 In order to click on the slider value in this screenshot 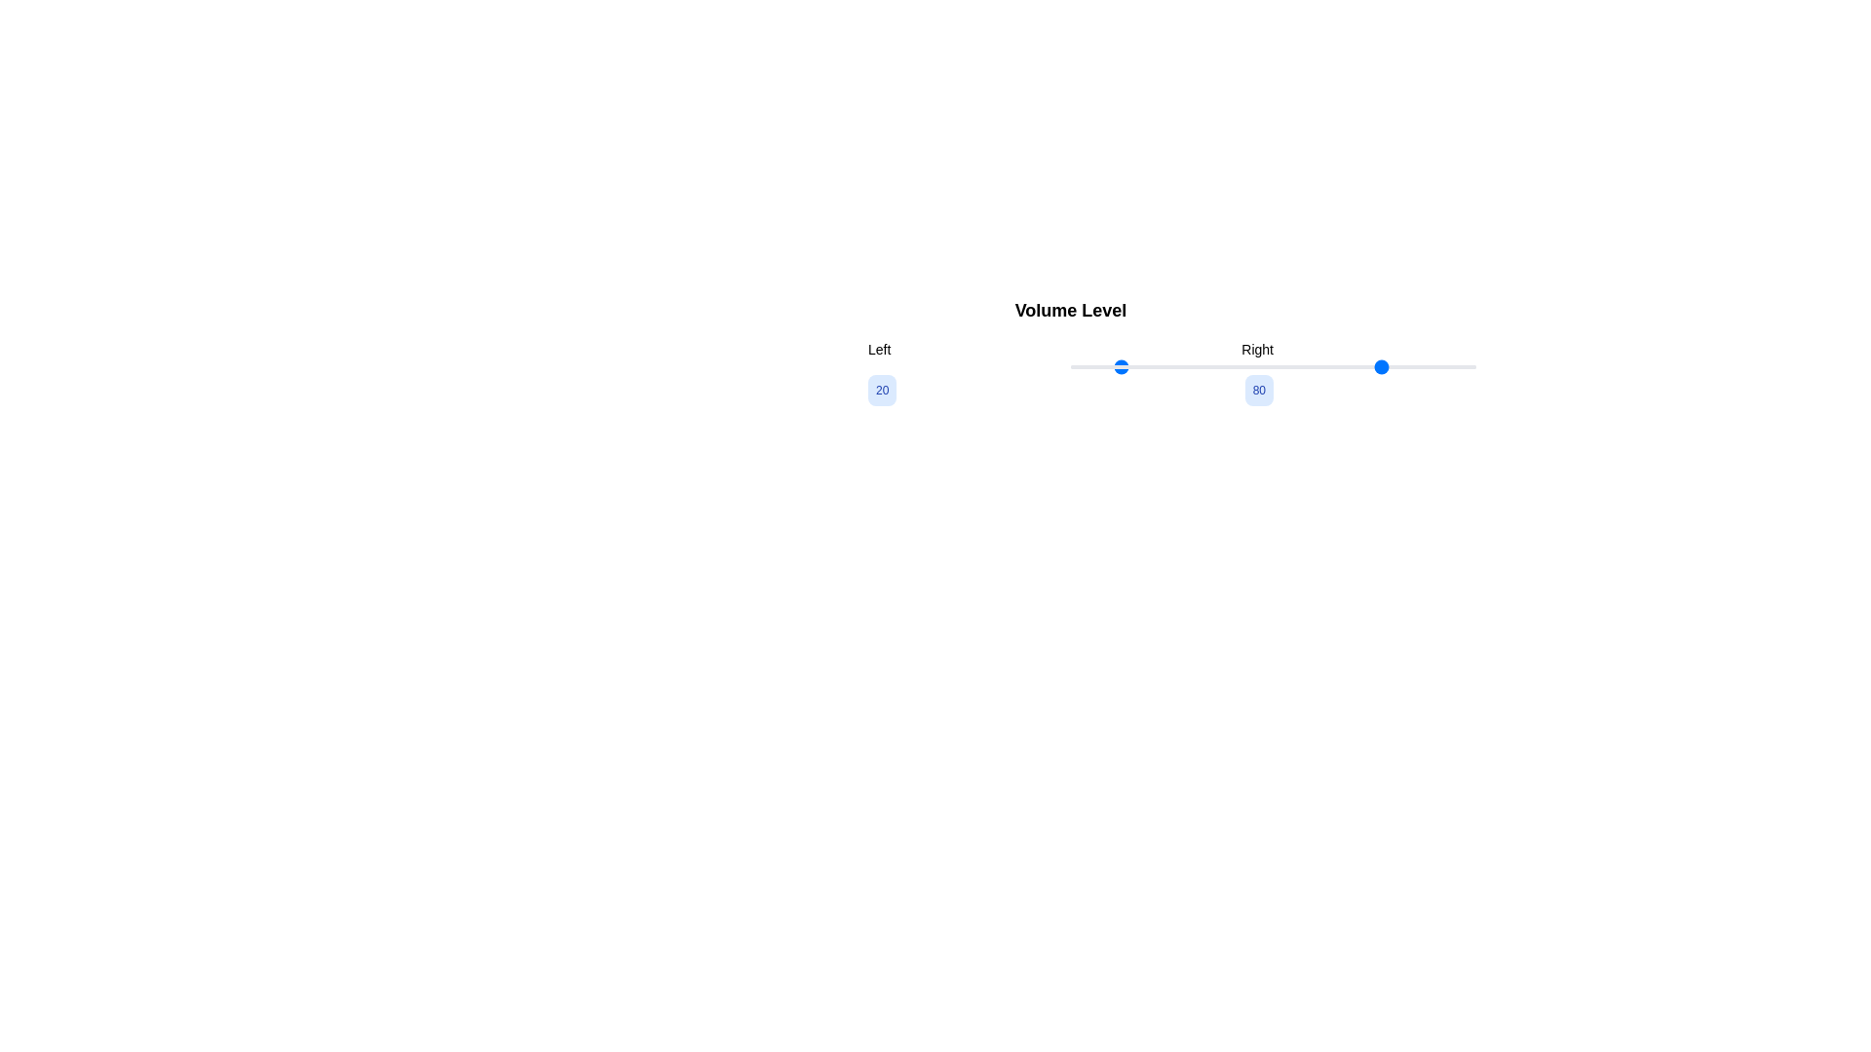, I will do `click(1138, 367)`.